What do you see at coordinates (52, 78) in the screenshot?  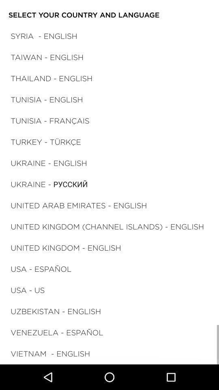 I see `the thailand - english item` at bounding box center [52, 78].